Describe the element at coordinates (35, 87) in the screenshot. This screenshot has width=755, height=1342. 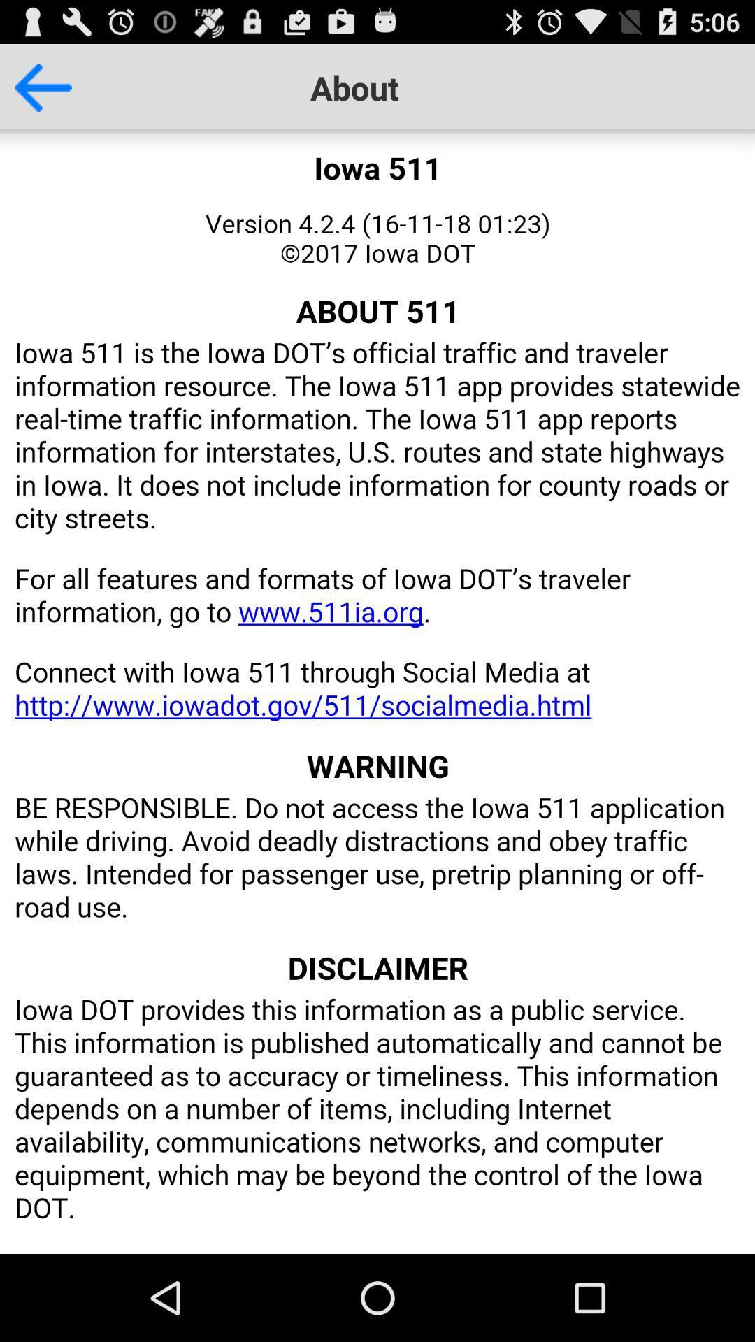
I see `go back` at that location.